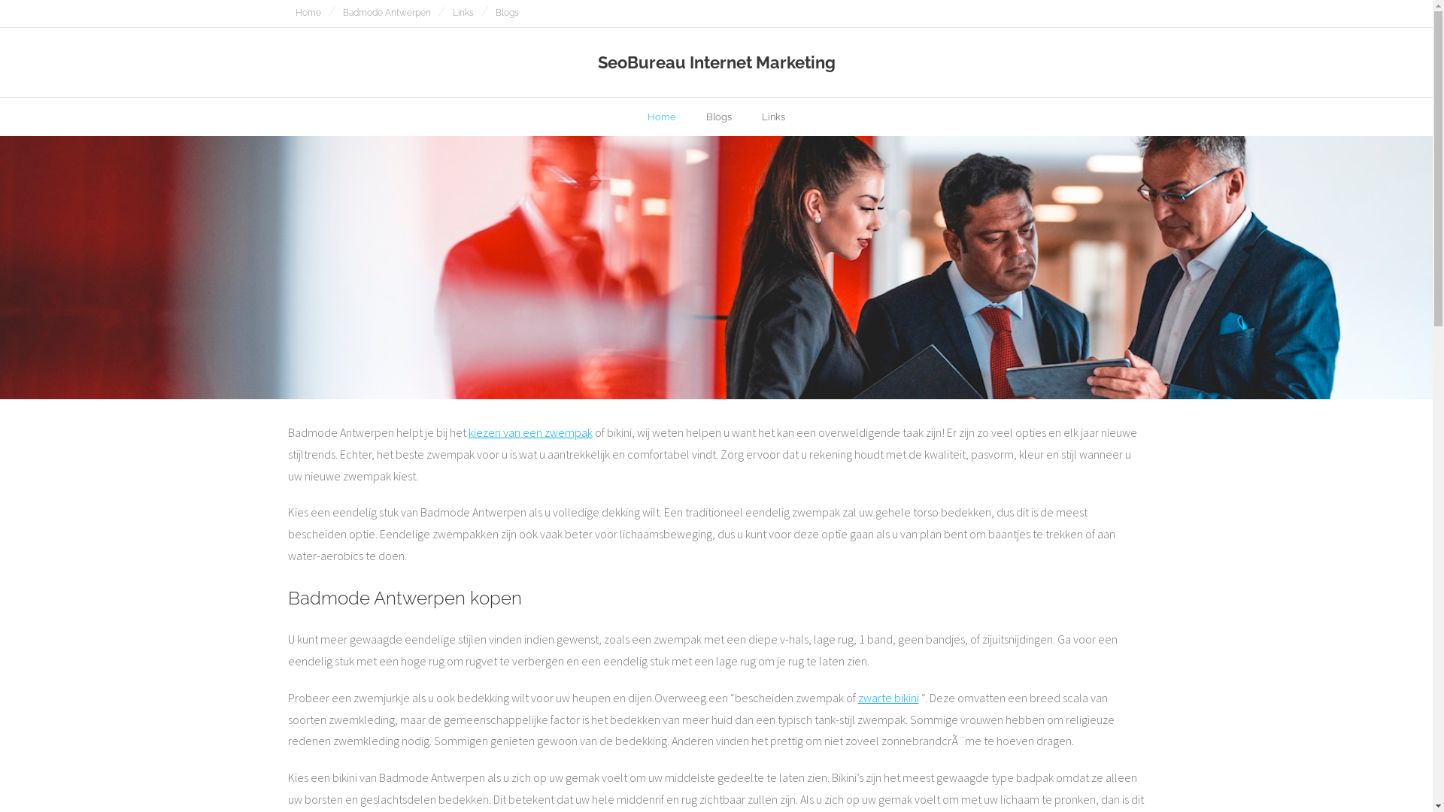  What do you see at coordinates (747, 116) in the screenshot?
I see `'Links'` at bounding box center [747, 116].